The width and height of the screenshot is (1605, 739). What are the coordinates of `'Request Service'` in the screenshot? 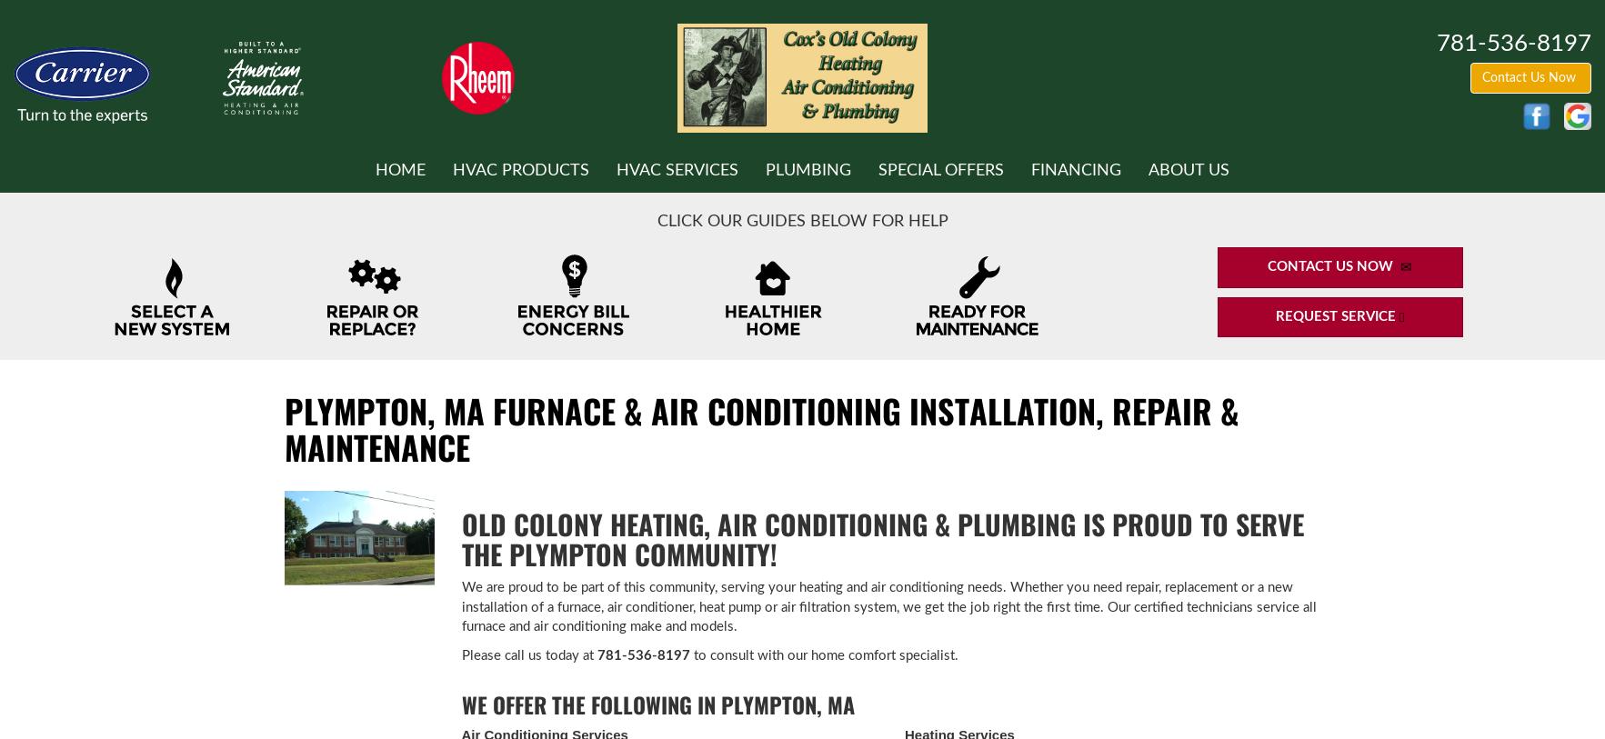 It's located at (1275, 315).